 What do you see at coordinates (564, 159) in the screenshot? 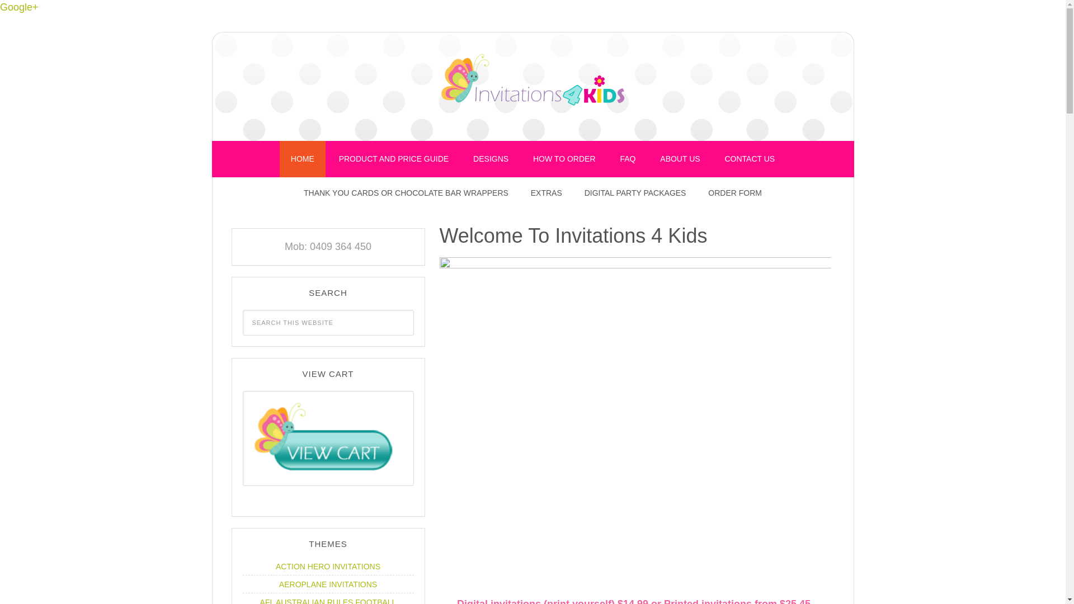
I see `'HOW TO ORDER'` at bounding box center [564, 159].